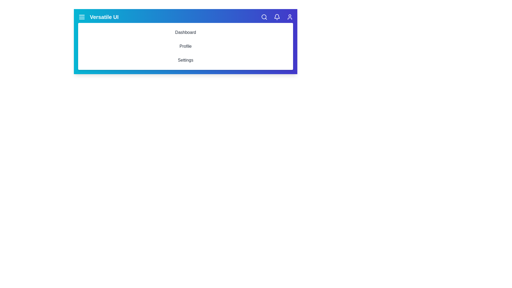 This screenshot has width=512, height=288. What do you see at coordinates (264, 17) in the screenshot?
I see `the search icon to initiate a search` at bounding box center [264, 17].